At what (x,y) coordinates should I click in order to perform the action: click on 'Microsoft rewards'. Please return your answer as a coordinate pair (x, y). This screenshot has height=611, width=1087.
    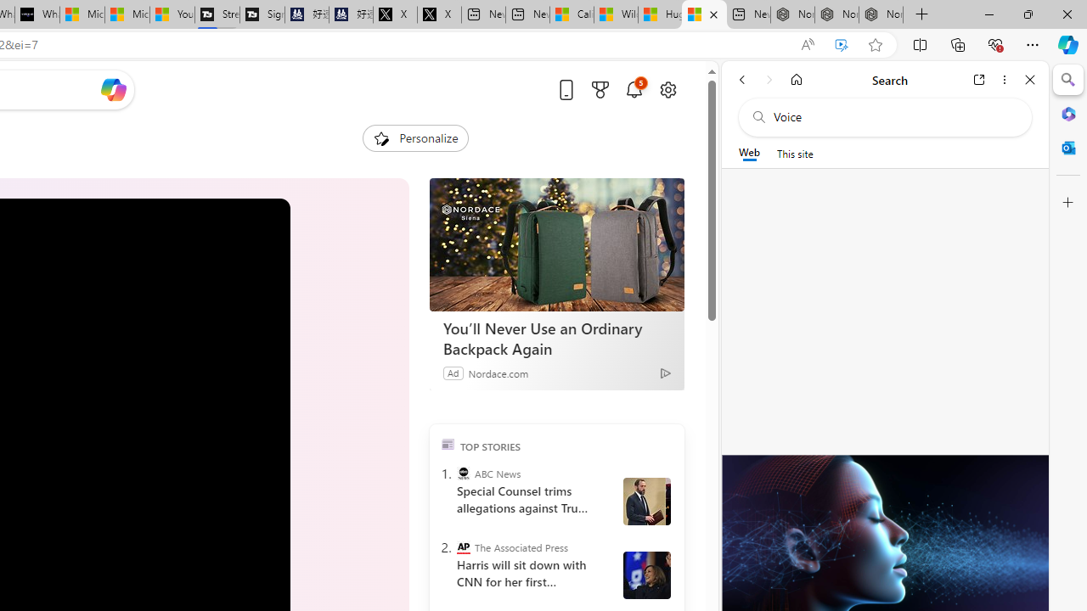
    Looking at the image, I should click on (600, 89).